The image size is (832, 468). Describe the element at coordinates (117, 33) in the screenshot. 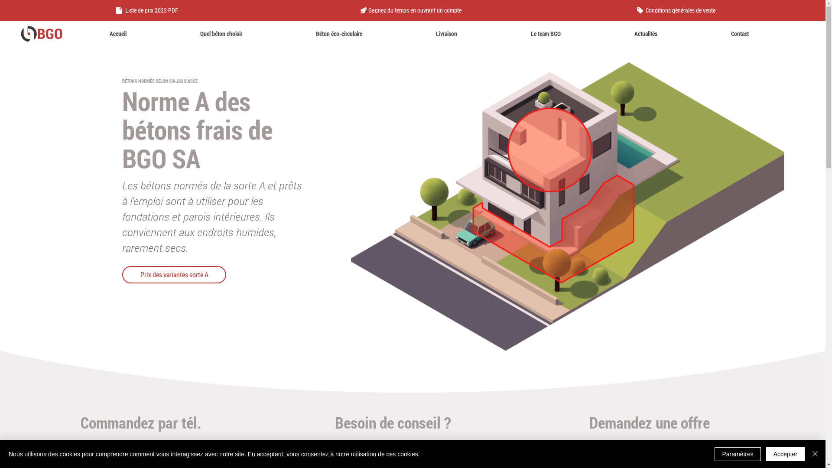

I see `'Accueil'` at that location.